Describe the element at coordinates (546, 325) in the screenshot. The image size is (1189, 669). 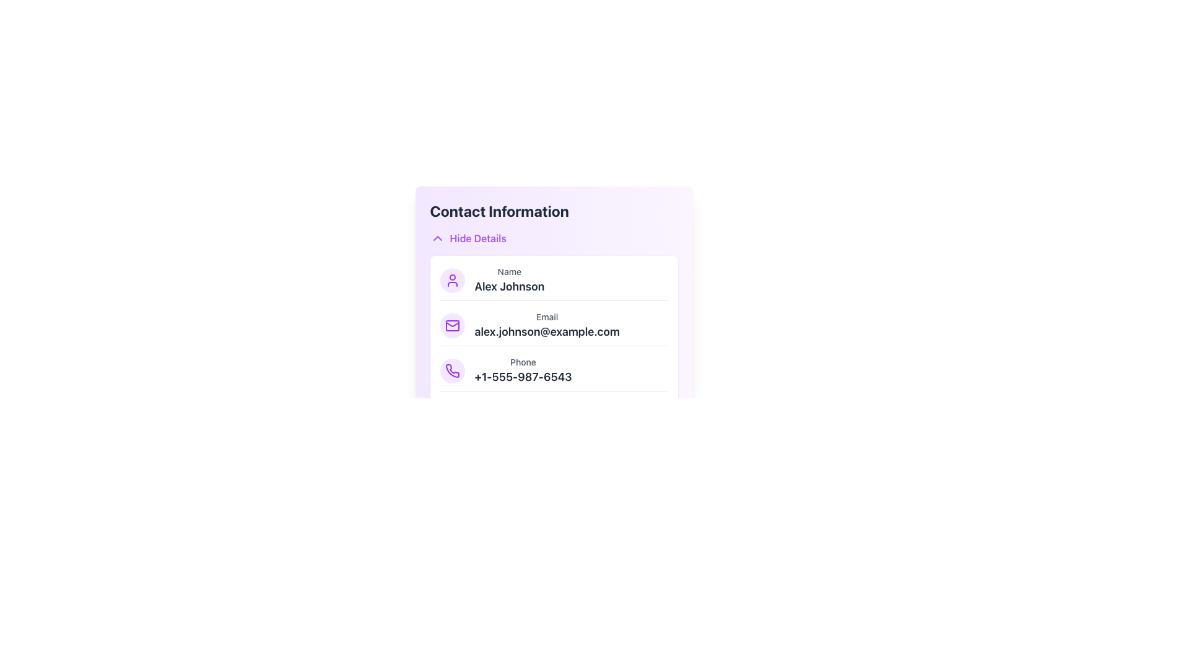
I see `email address displayed in the contact information card, which is located in the middle part of the card, under the 'Contact Information' section, second entry after the 'Name' section` at that location.